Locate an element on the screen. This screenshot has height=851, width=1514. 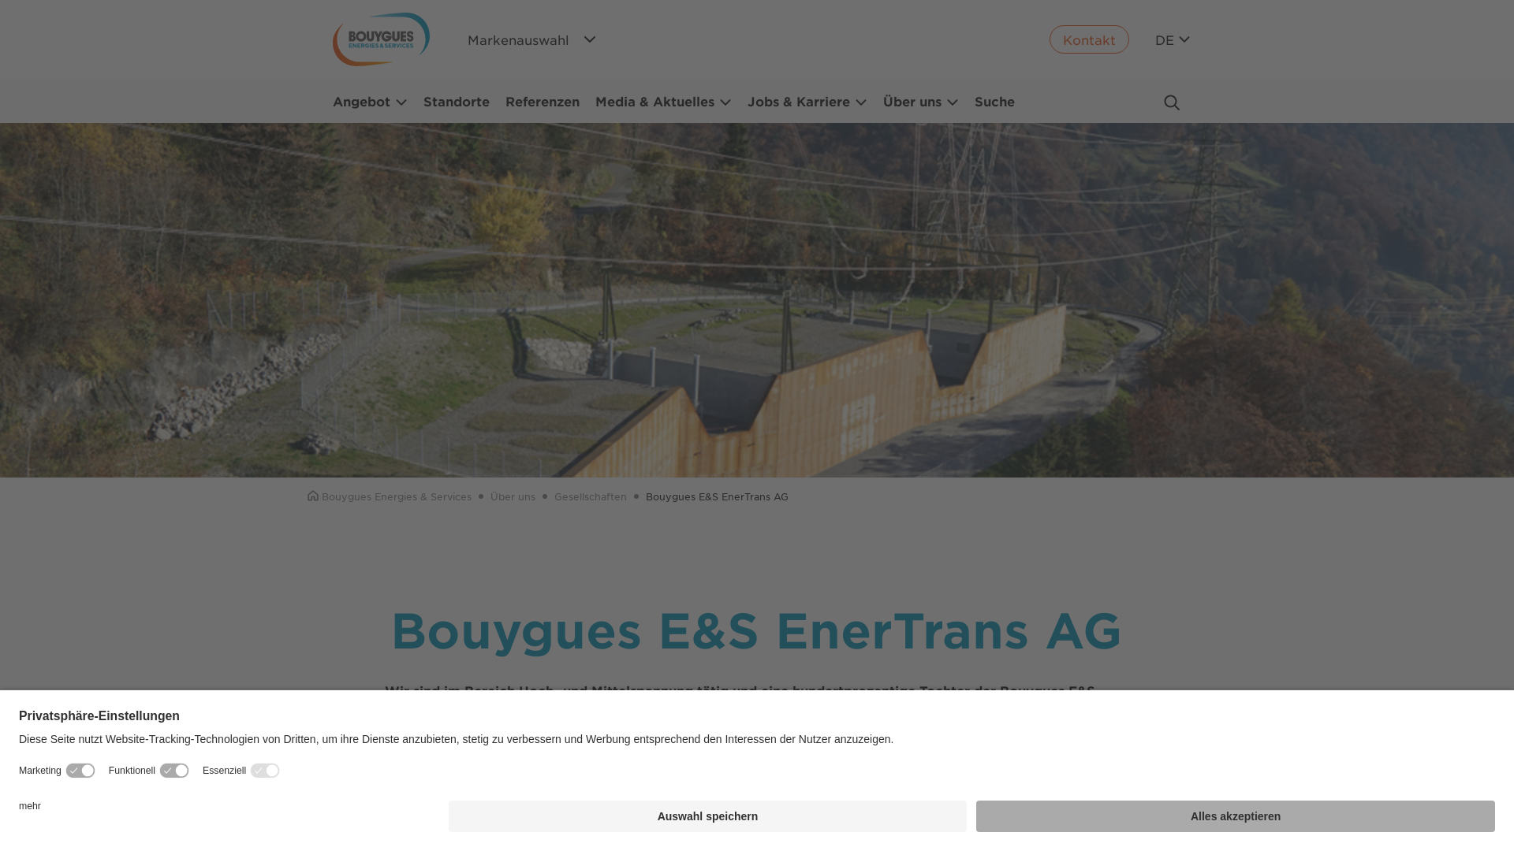
'Gesellschaften' is located at coordinates (589, 495).